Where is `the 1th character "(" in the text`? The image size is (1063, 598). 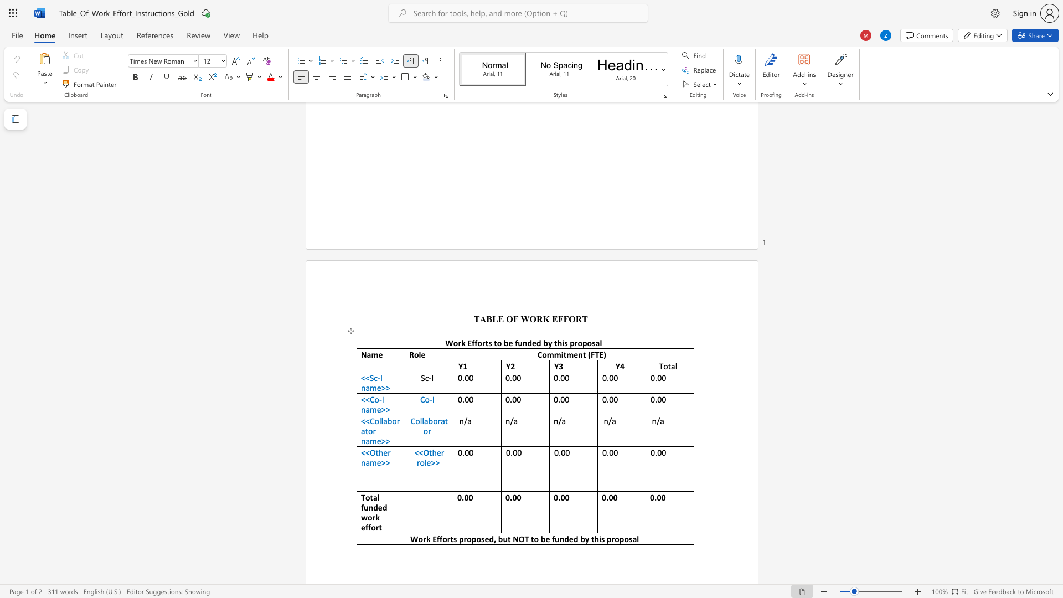 the 1th character "(" in the text is located at coordinates (589, 354).